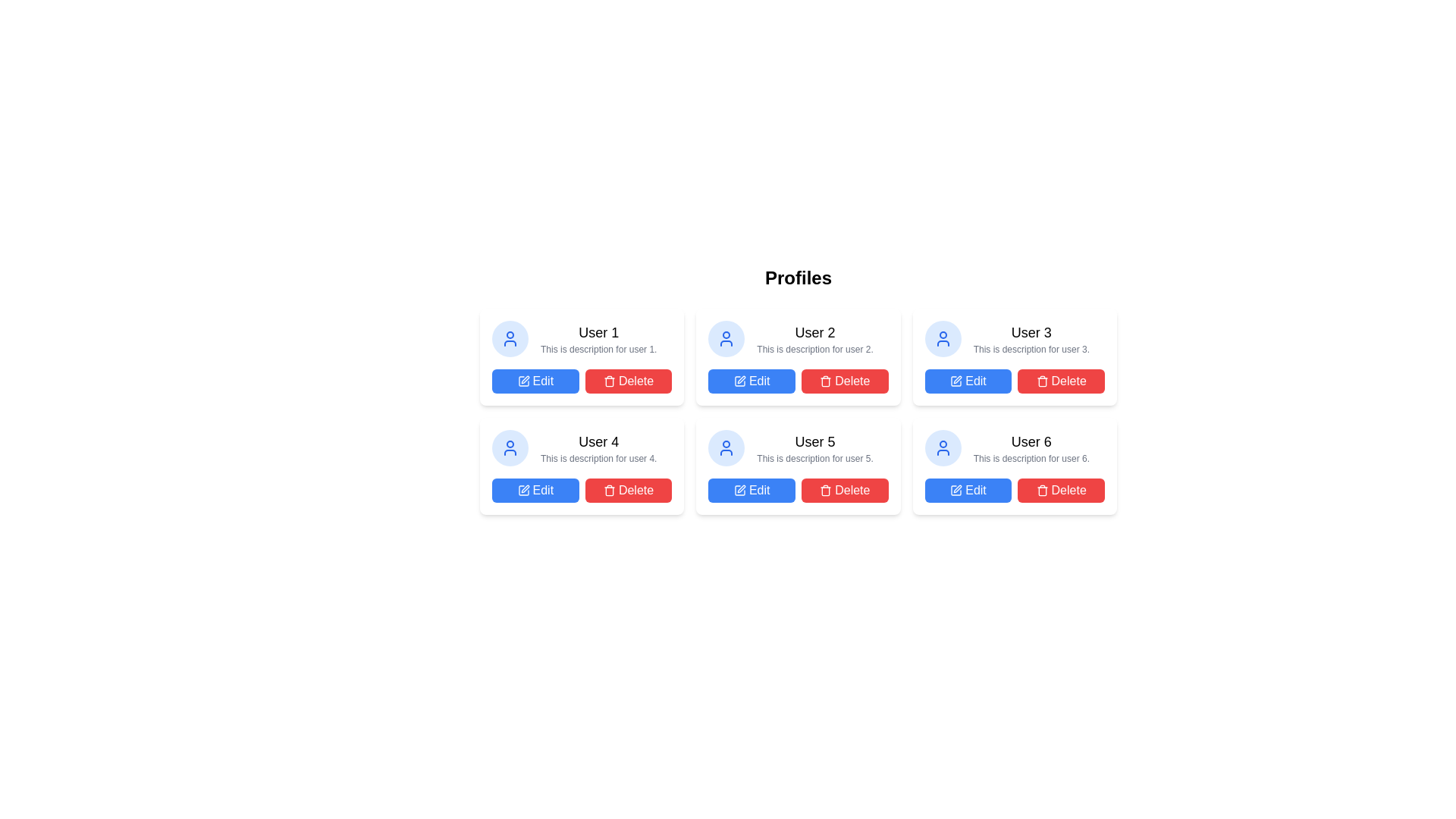 The width and height of the screenshot is (1456, 819). I want to click on on the user account icon representing 'User 5', located in the top-left corner of the card labeled 'User 5', so click(726, 447).